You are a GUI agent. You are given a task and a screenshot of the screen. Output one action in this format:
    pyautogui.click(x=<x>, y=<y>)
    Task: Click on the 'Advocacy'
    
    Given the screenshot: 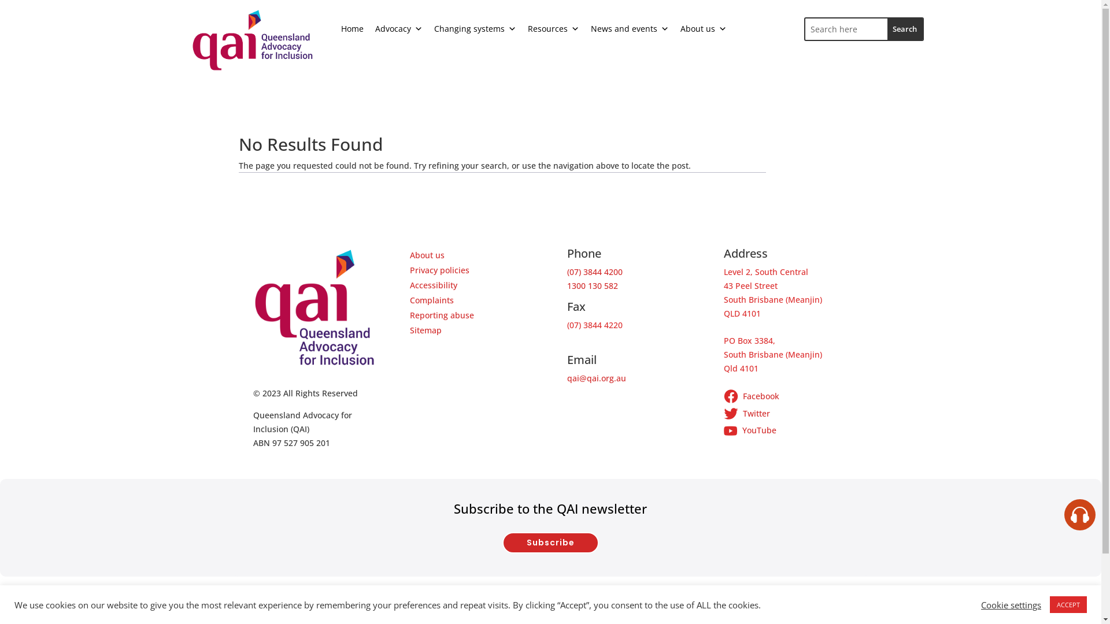 What is the action you would take?
    pyautogui.click(x=398, y=28)
    